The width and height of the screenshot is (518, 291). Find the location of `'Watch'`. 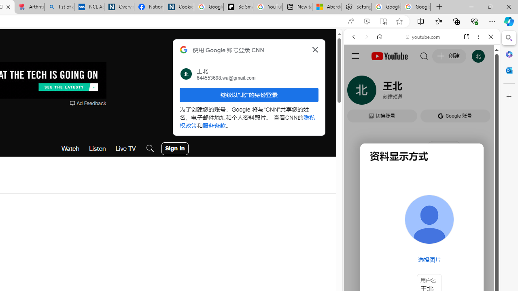

'Watch' is located at coordinates (70, 148).